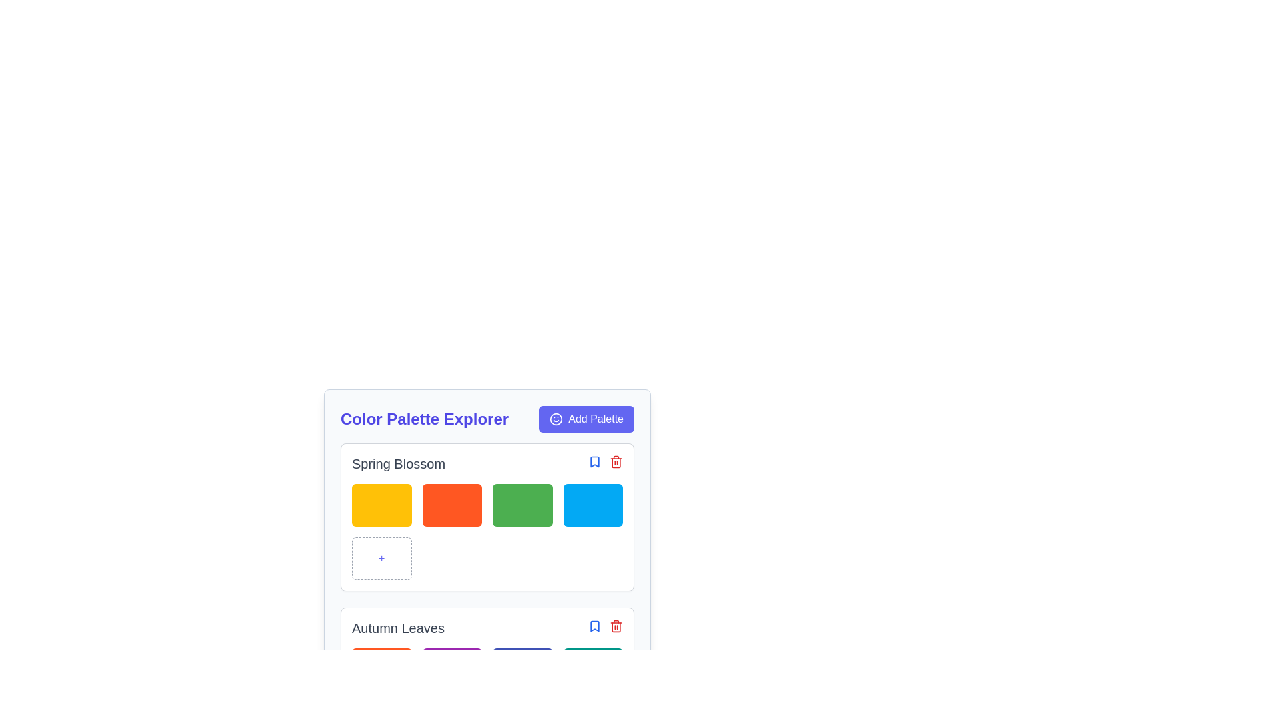 The image size is (1282, 721). I want to click on the orange color box in the Spring Blossom section of the Color Palette Explorer, so click(452, 505).